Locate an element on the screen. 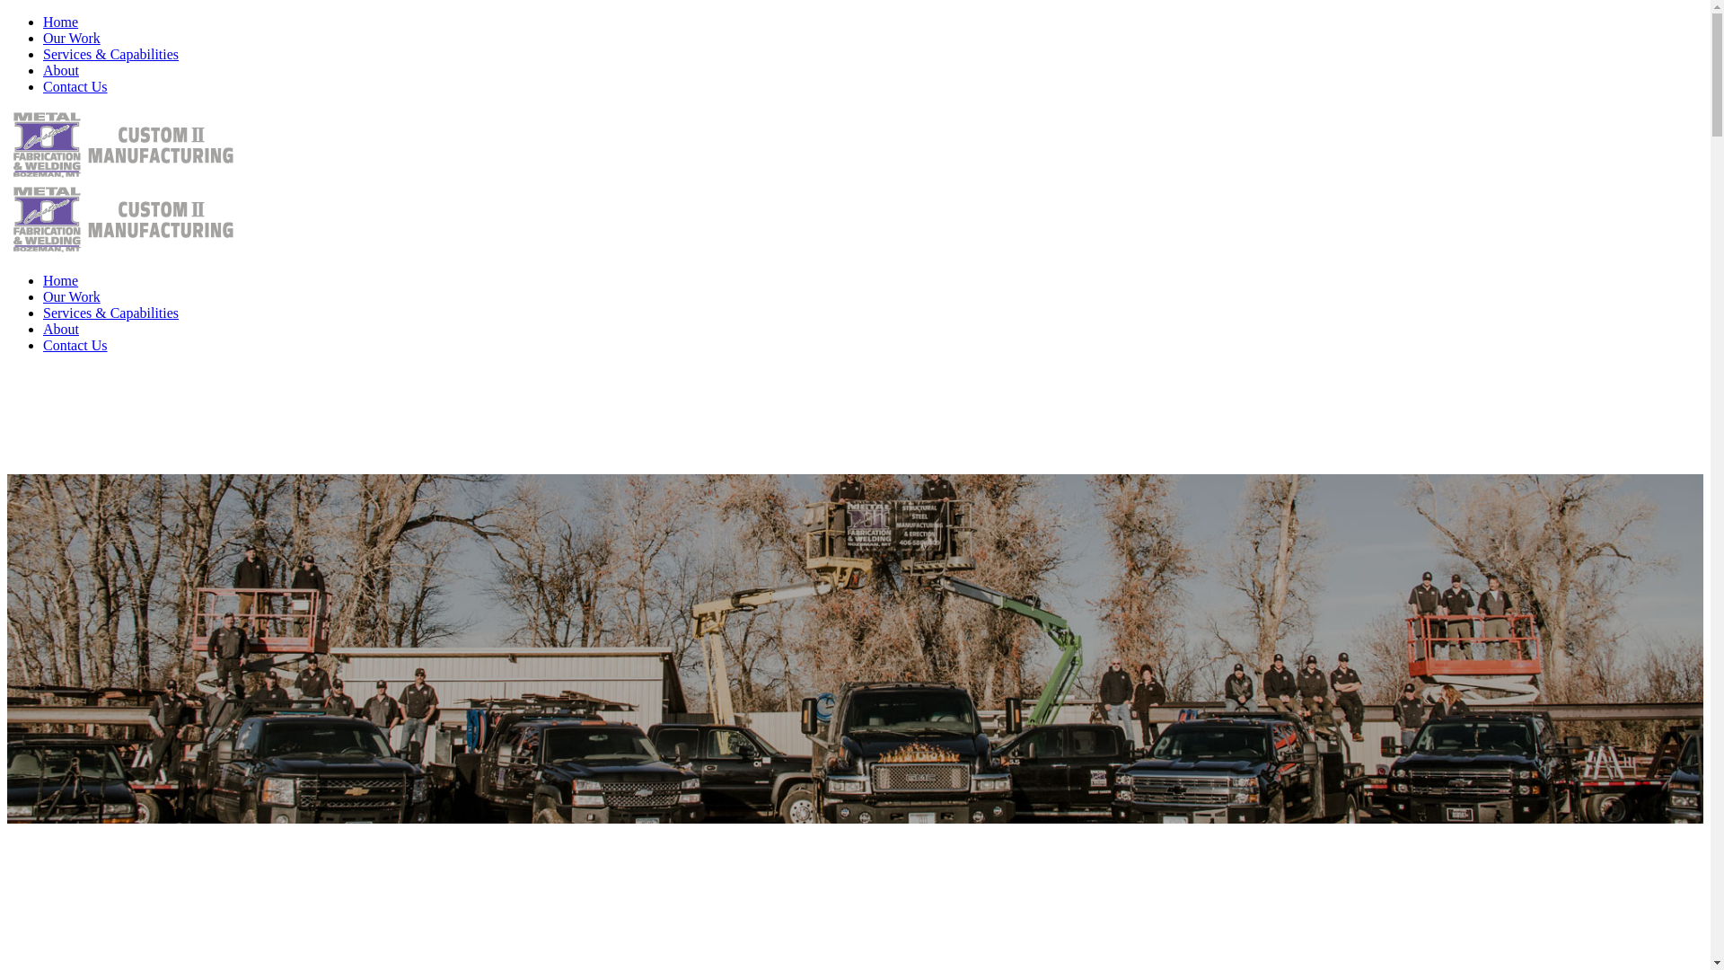 The width and height of the screenshot is (1724, 970). 'Home' is located at coordinates (60, 22).